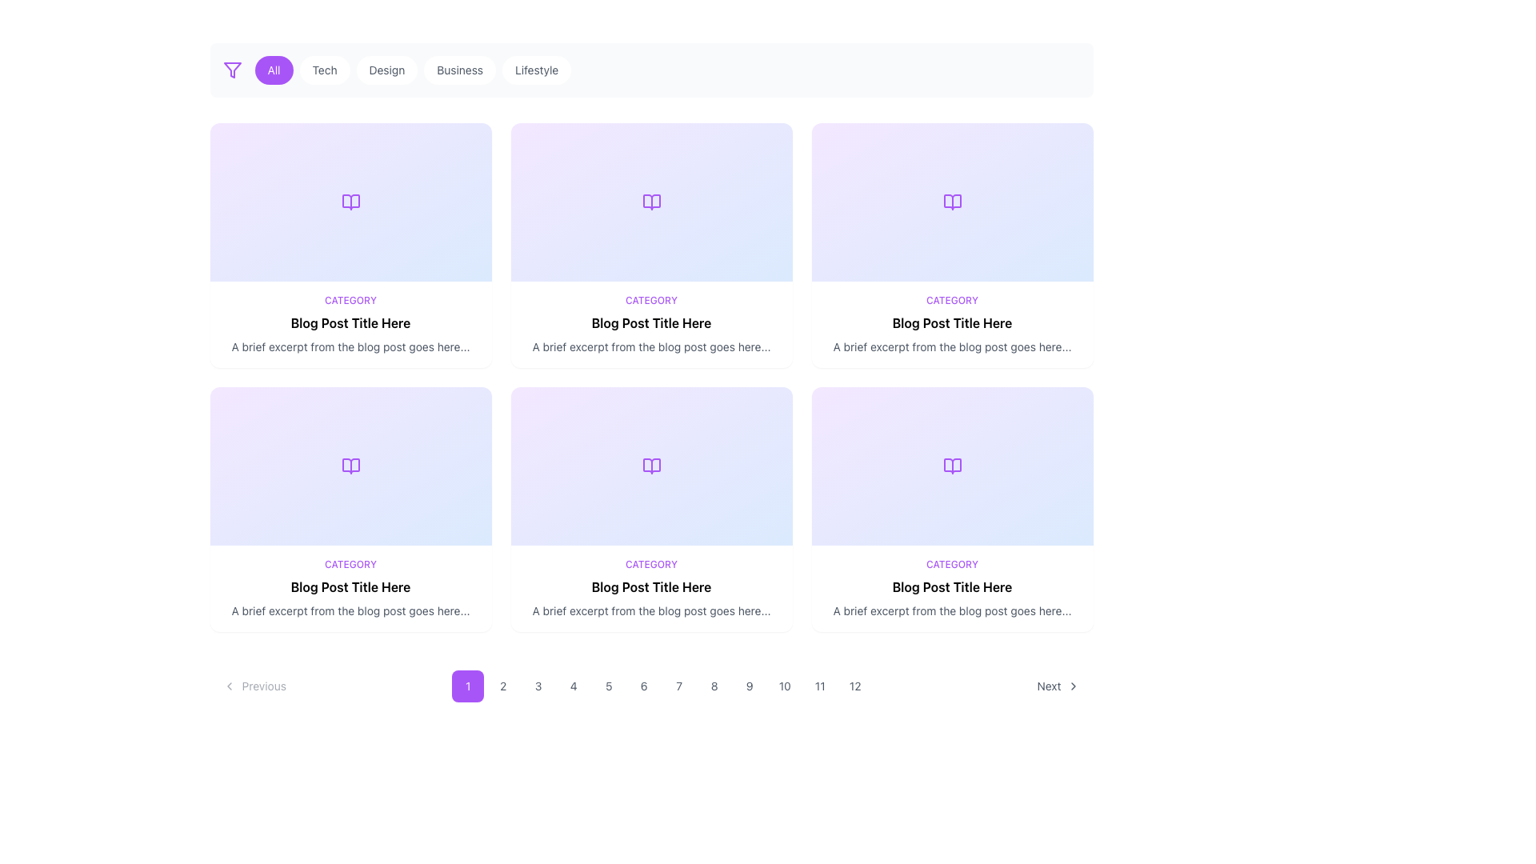 This screenshot has height=864, width=1536. What do you see at coordinates (952, 346) in the screenshot?
I see `the text block element that contains the excerpt 'A brief excerpt from the blog post goes here...' located beneath the blog post title in a card structure` at bounding box center [952, 346].